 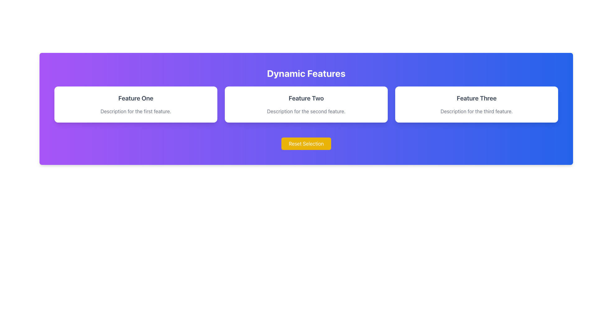 What do you see at coordinates (306, 144) in the screenshot?
I see `the 'Reset Selection' button with a vibrant yellow background and white text to observe the hover effect` at bounding box center [306, 144].